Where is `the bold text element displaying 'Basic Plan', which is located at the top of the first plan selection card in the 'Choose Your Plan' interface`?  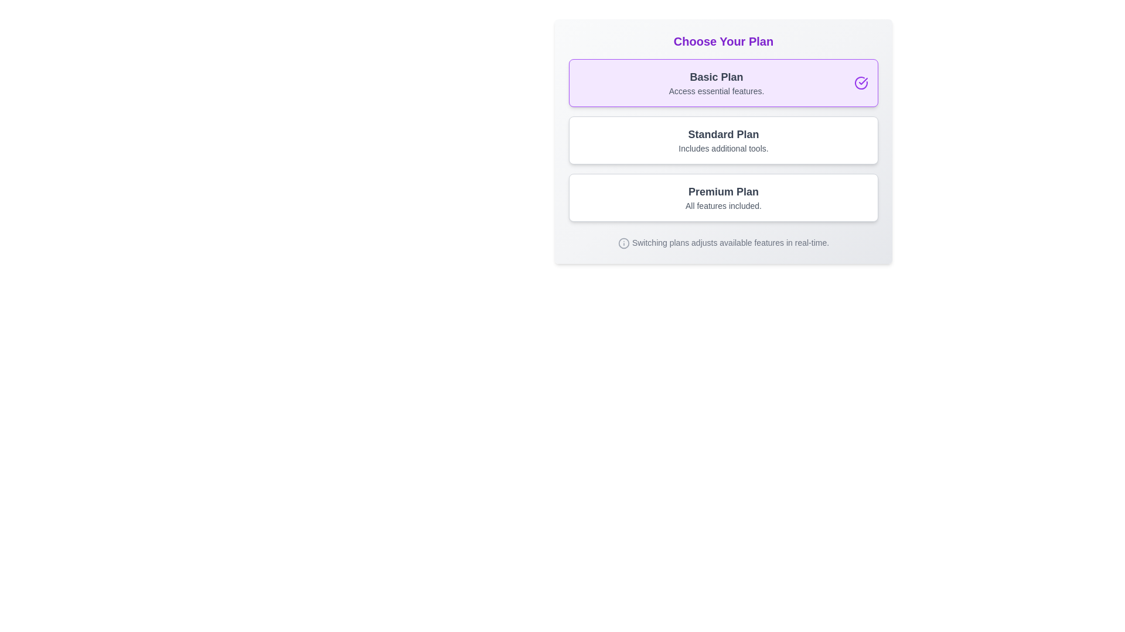 the bold text element displaying 'Basic Plan', which is located at the top of the first plan selection card in the 'Choose Your Plan' interface is located at coordinates (716, 77).